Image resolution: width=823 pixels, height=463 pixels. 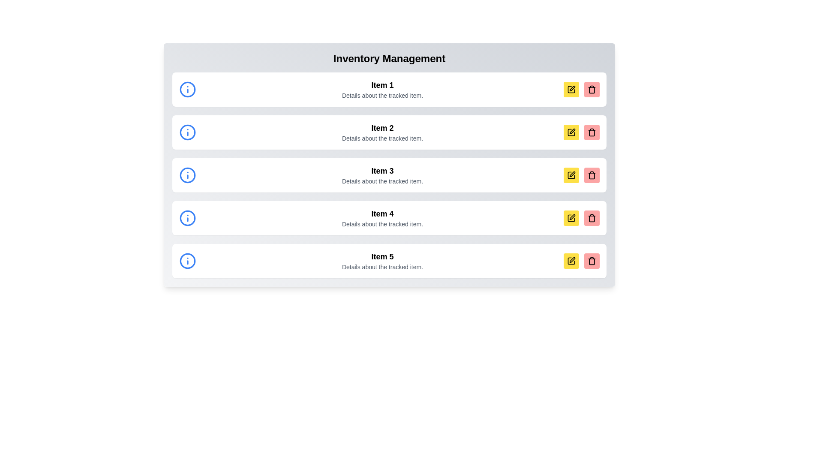 What do you see at coordinates (571, 174) in the screenshot?
I see `the yellow pen icon button located in the fourth row under 'Inventory Management'` at bounding box center [571, 174].